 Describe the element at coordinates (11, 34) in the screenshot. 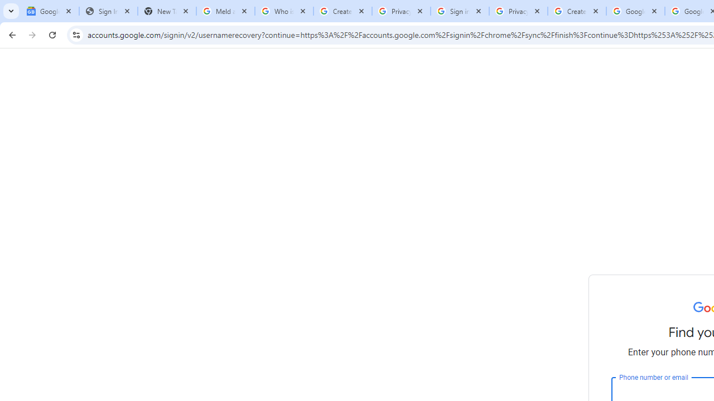

I see `'Back'` at that location.